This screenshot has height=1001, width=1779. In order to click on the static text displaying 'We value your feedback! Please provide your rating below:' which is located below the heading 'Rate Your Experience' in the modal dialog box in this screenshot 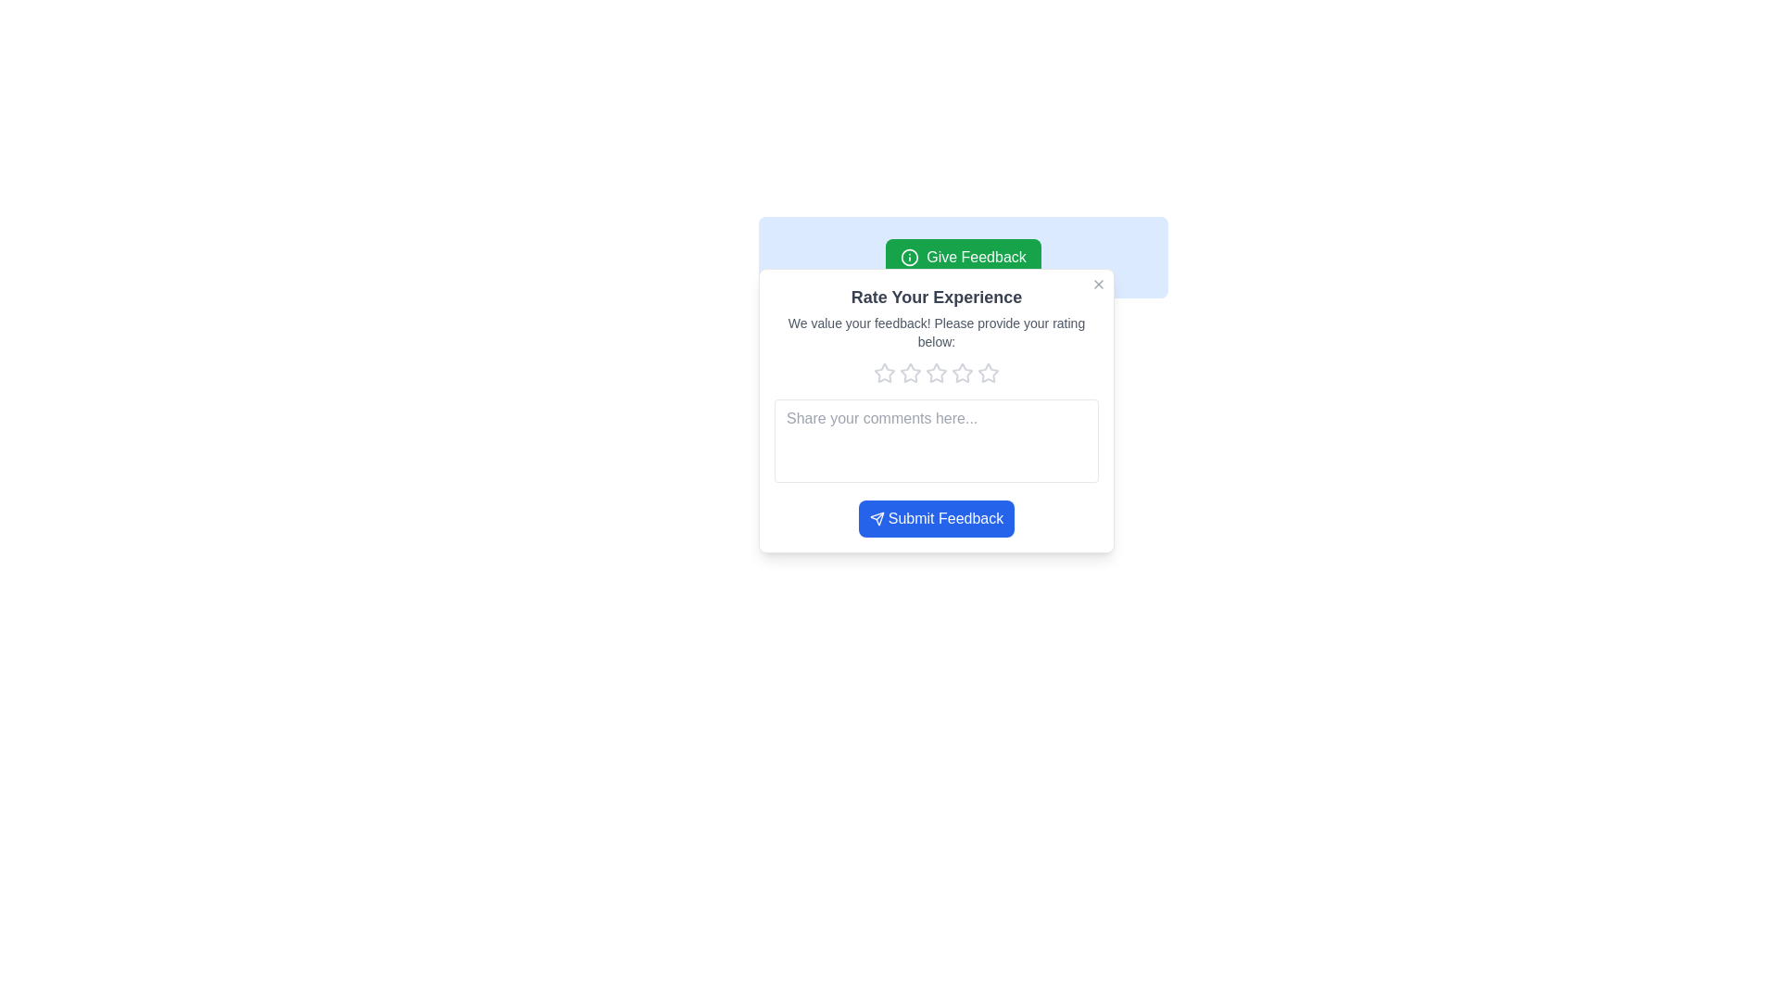, I will do `click(937, 331)`.